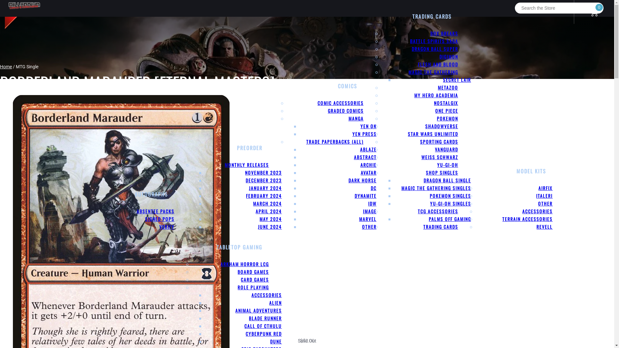 The image size is (619, 348). I want to click on 'VERIFY', so click(167, 226).